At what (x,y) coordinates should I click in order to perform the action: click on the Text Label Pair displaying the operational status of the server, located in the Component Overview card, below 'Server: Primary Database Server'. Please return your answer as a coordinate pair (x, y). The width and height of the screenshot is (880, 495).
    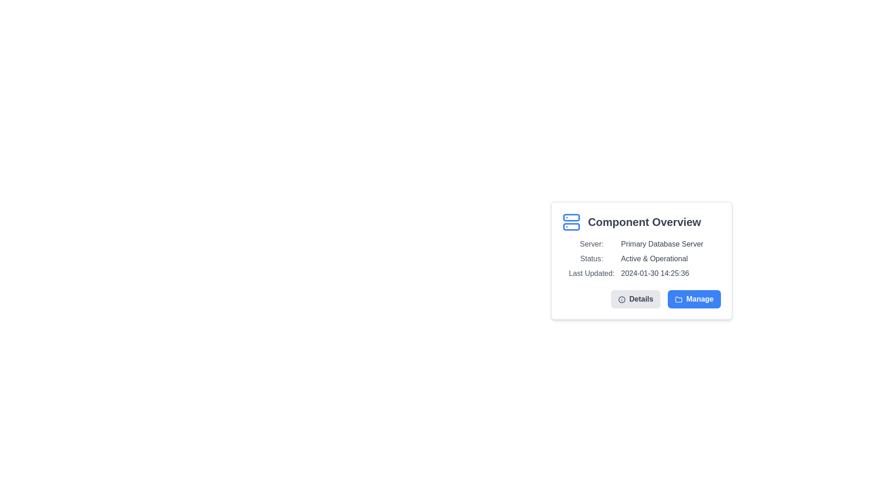
    Looking at the image, I should click on (641, 258).